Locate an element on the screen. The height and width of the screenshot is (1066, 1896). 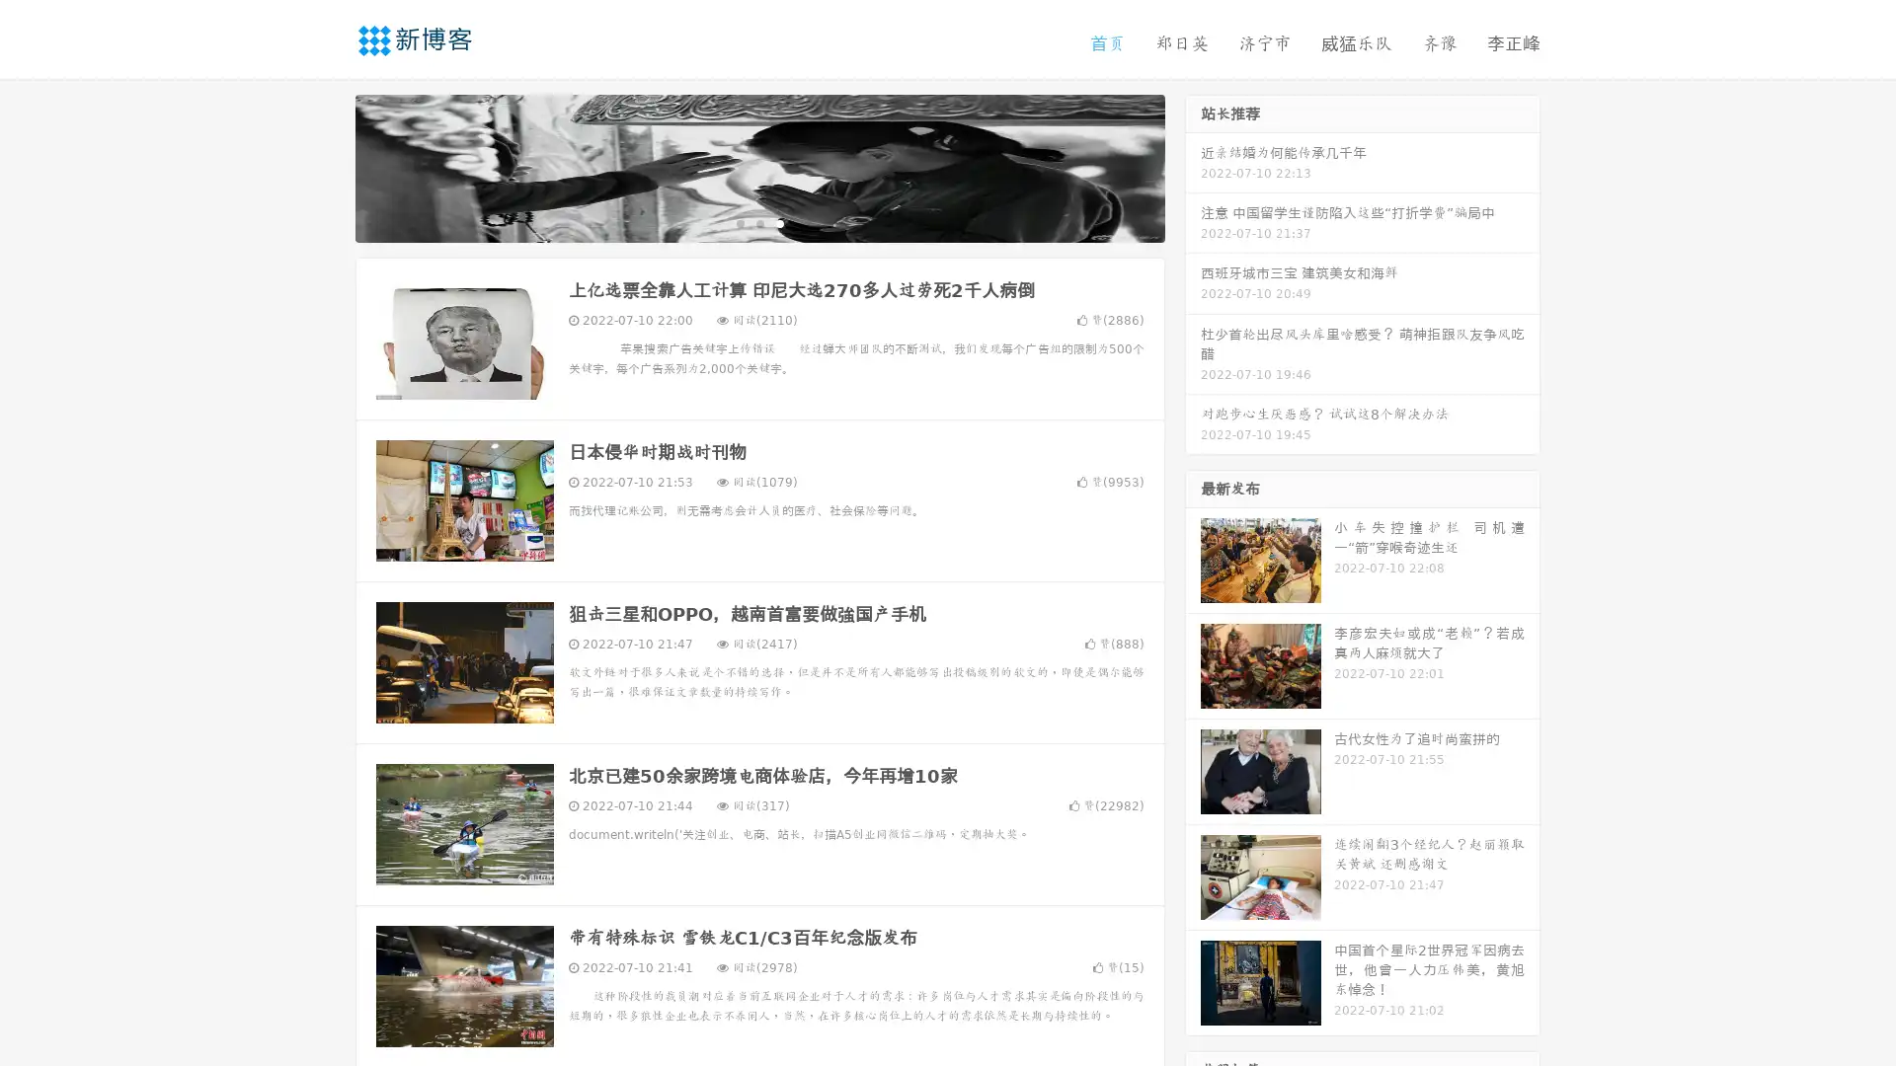
Go to slide 1 is located at coordinates (739, 222).